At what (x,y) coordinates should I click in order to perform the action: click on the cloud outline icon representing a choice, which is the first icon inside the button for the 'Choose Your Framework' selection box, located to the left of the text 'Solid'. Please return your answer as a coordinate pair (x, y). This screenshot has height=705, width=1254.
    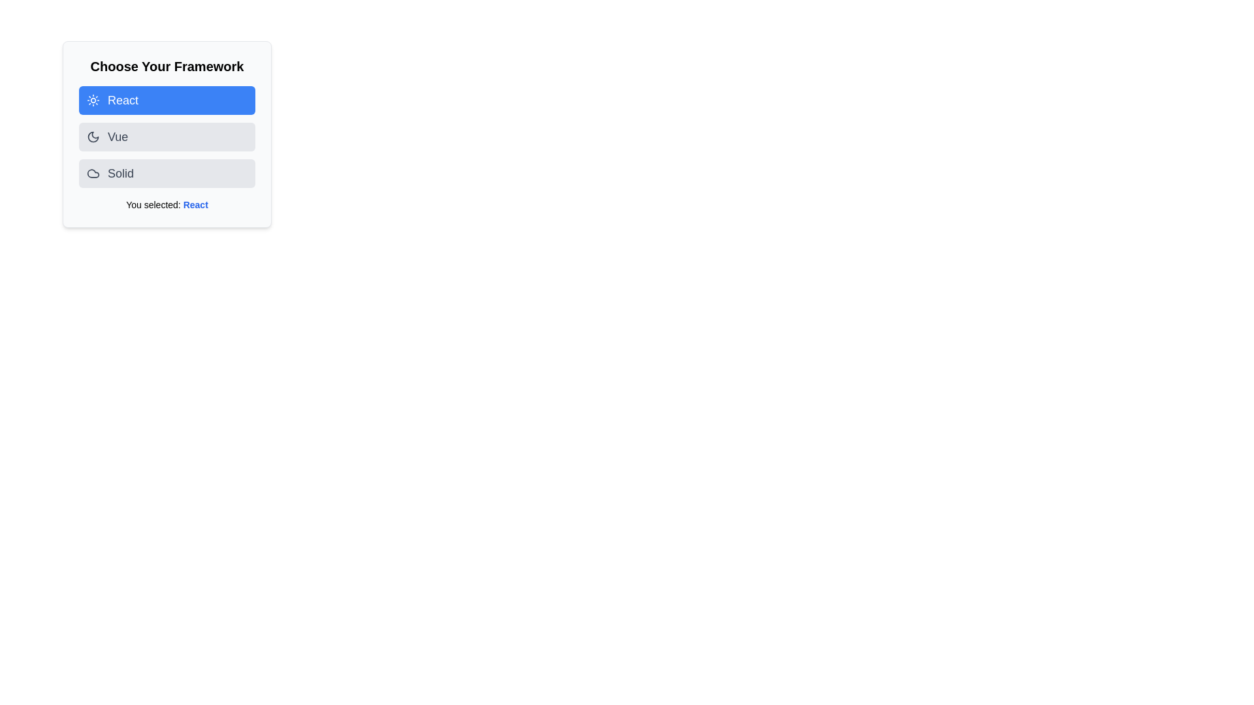
    Looking at the image, I should click on (93, 173).